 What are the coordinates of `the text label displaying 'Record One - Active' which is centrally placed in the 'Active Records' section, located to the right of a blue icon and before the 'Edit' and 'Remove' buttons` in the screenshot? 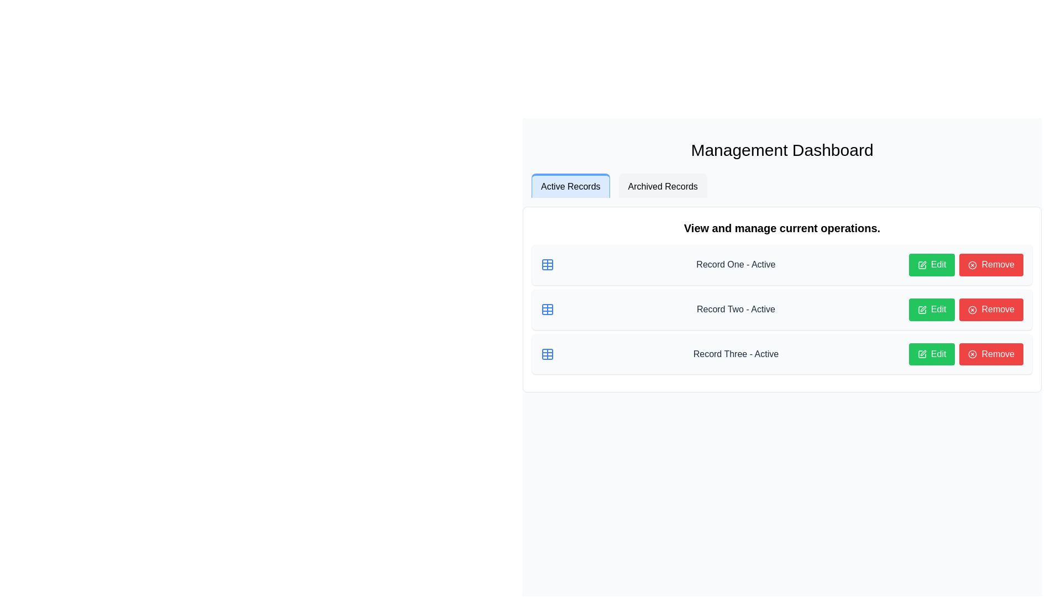 It's located at (736, 265).